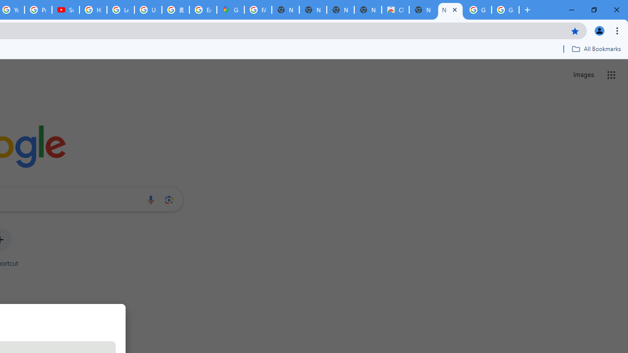 The height and width of the screenshot is (353, 628). I want to click on 'New Tab', so click(449, 10).